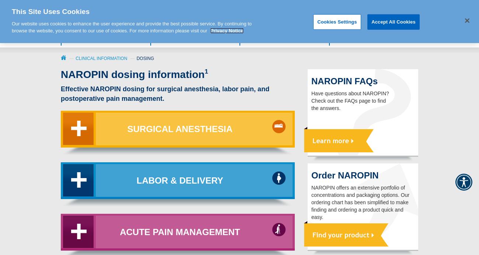 The image size is (479, 255). Describe the element at coordinates (350, 93) in the screenshot. I see `'Have questions about NAROPIN?'` at that location.